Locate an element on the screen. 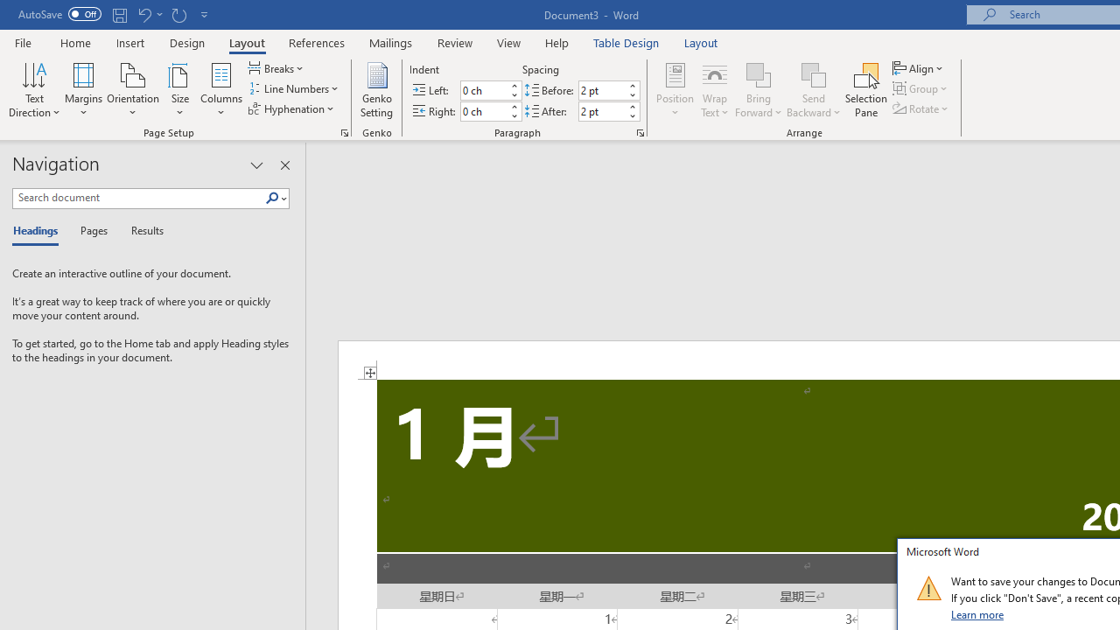 The width and height of the screenshot is (1120, 630). 'File Tab' is located at coordinates (23, 41).